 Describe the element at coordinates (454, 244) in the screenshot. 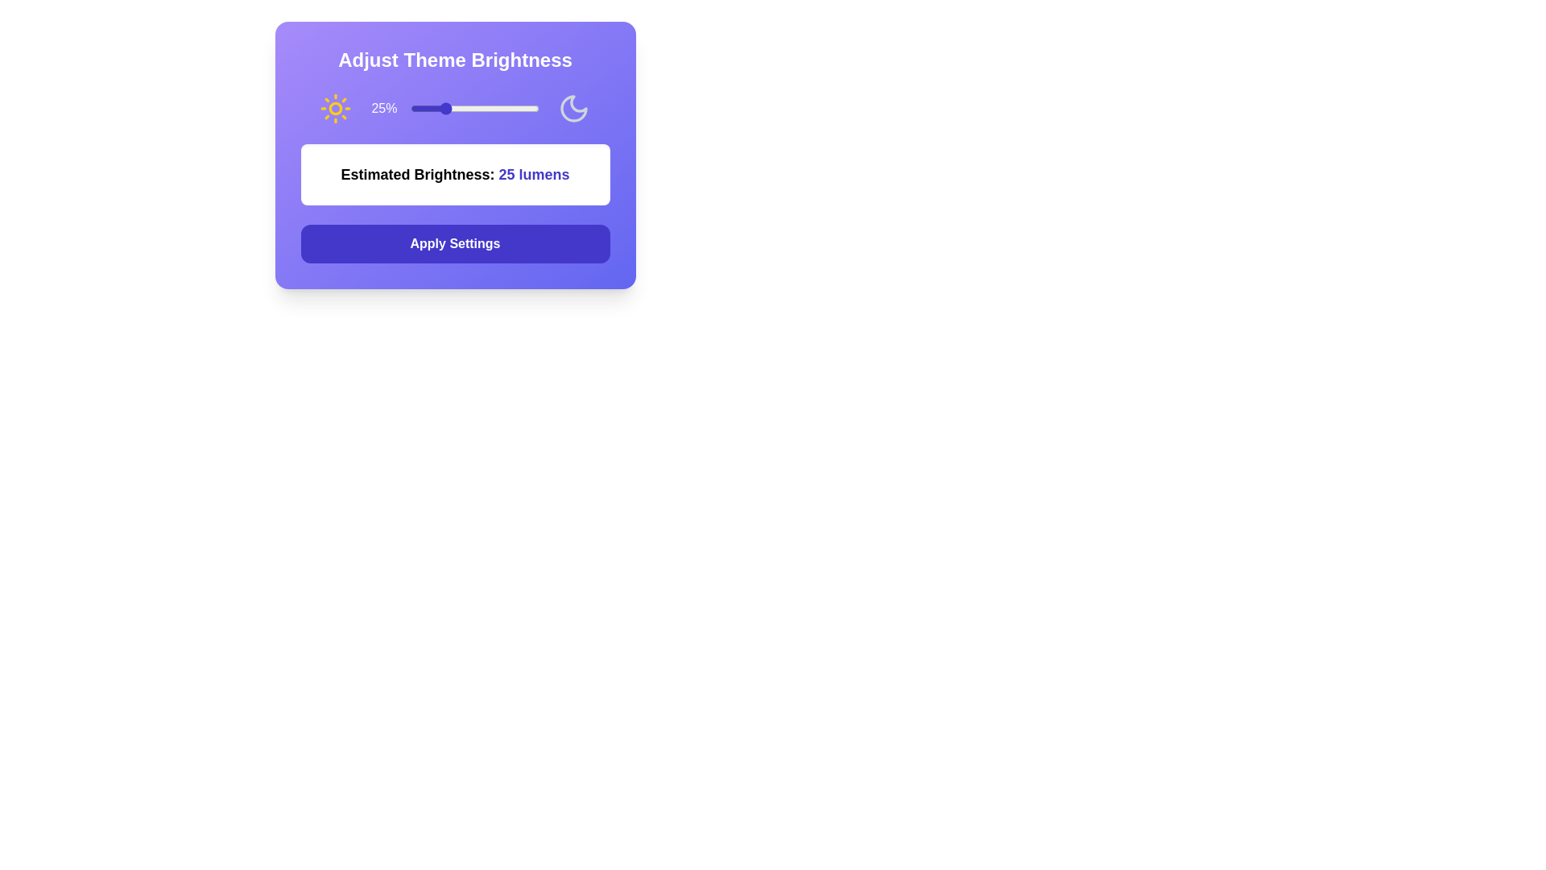

I see `the 'Apply Settings' button` at that location.